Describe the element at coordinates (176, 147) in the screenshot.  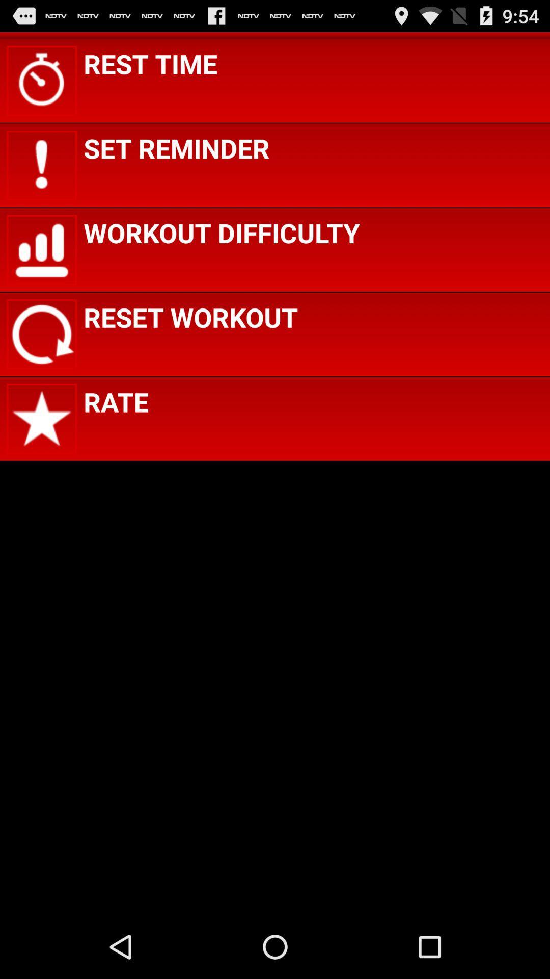
I see `set reminder icon` at that location.